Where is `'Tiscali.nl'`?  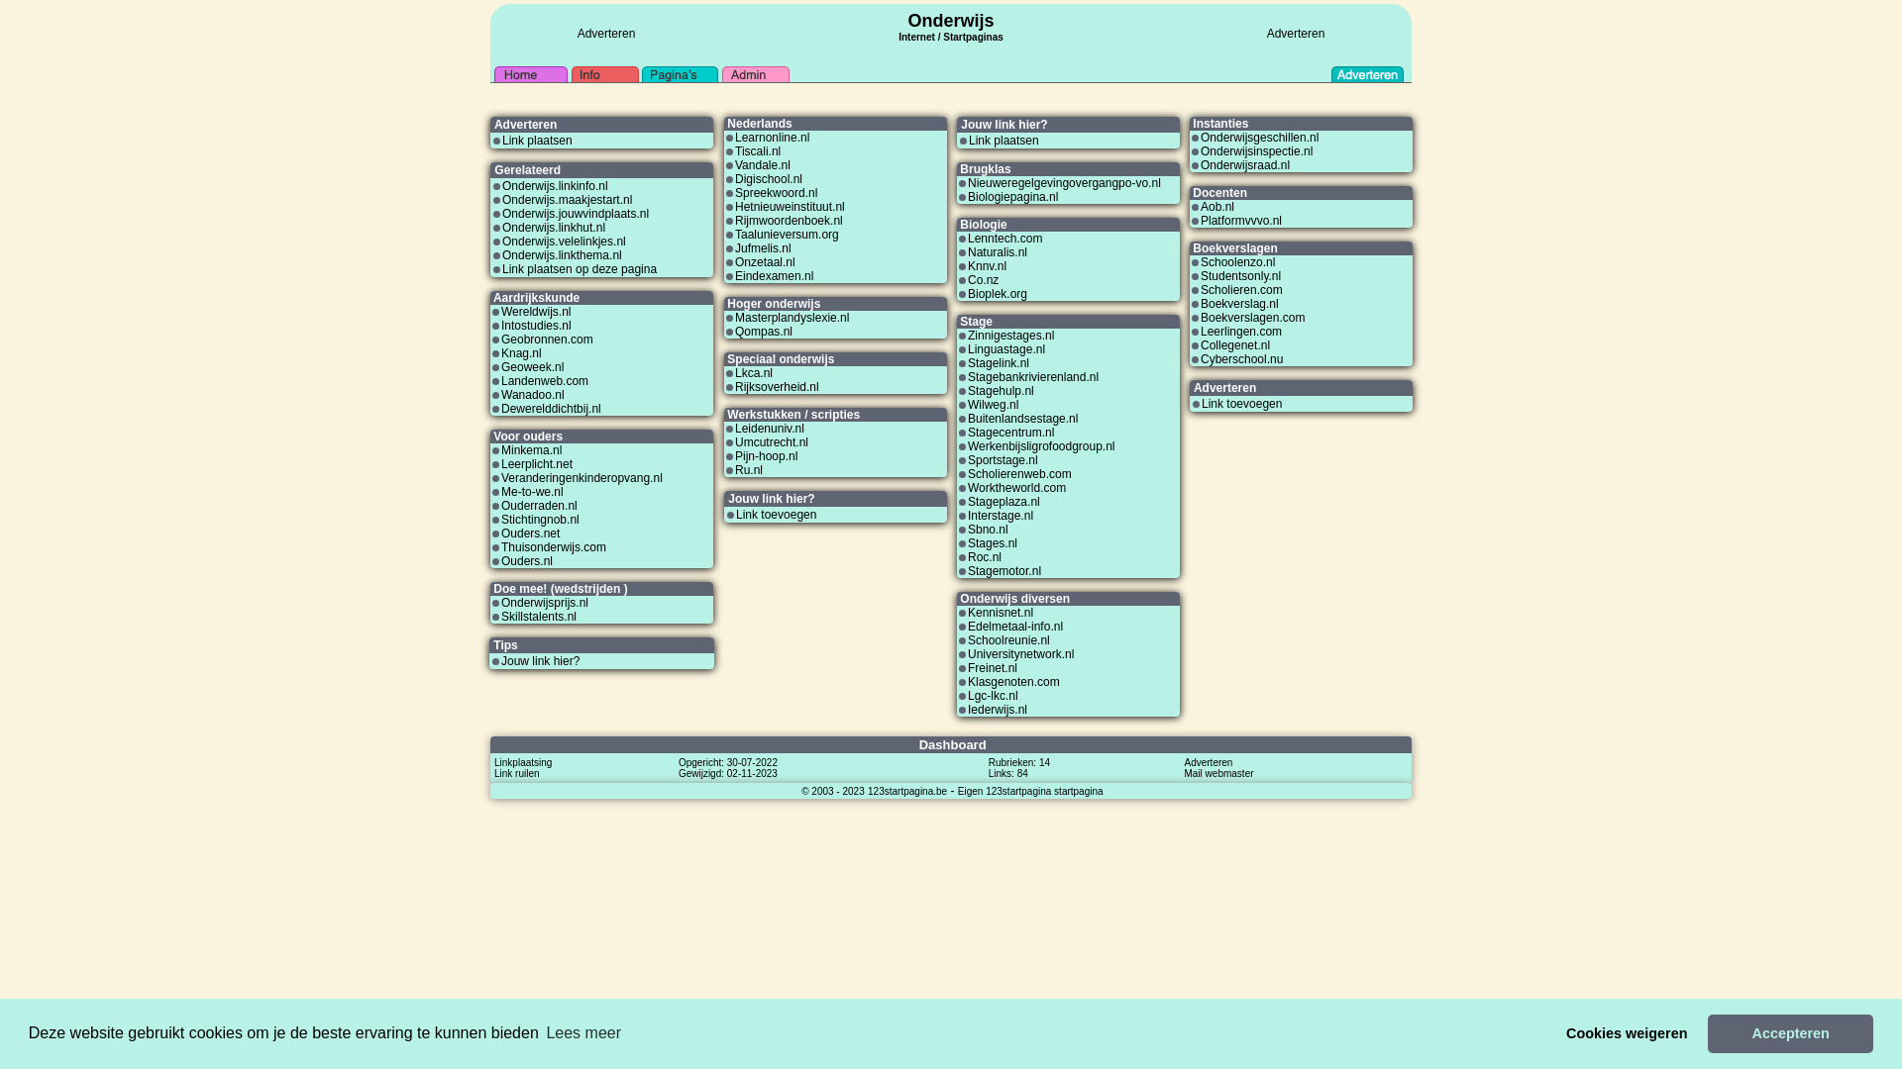 'Tiscali.nl' is located at coordinates (756, 150).